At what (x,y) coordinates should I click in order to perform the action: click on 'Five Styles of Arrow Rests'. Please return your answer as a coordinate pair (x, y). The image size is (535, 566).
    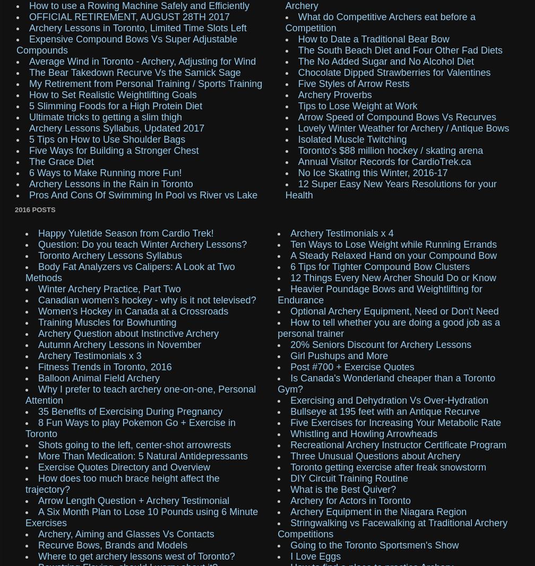
    Looking at the image, I should click on (353, 82).